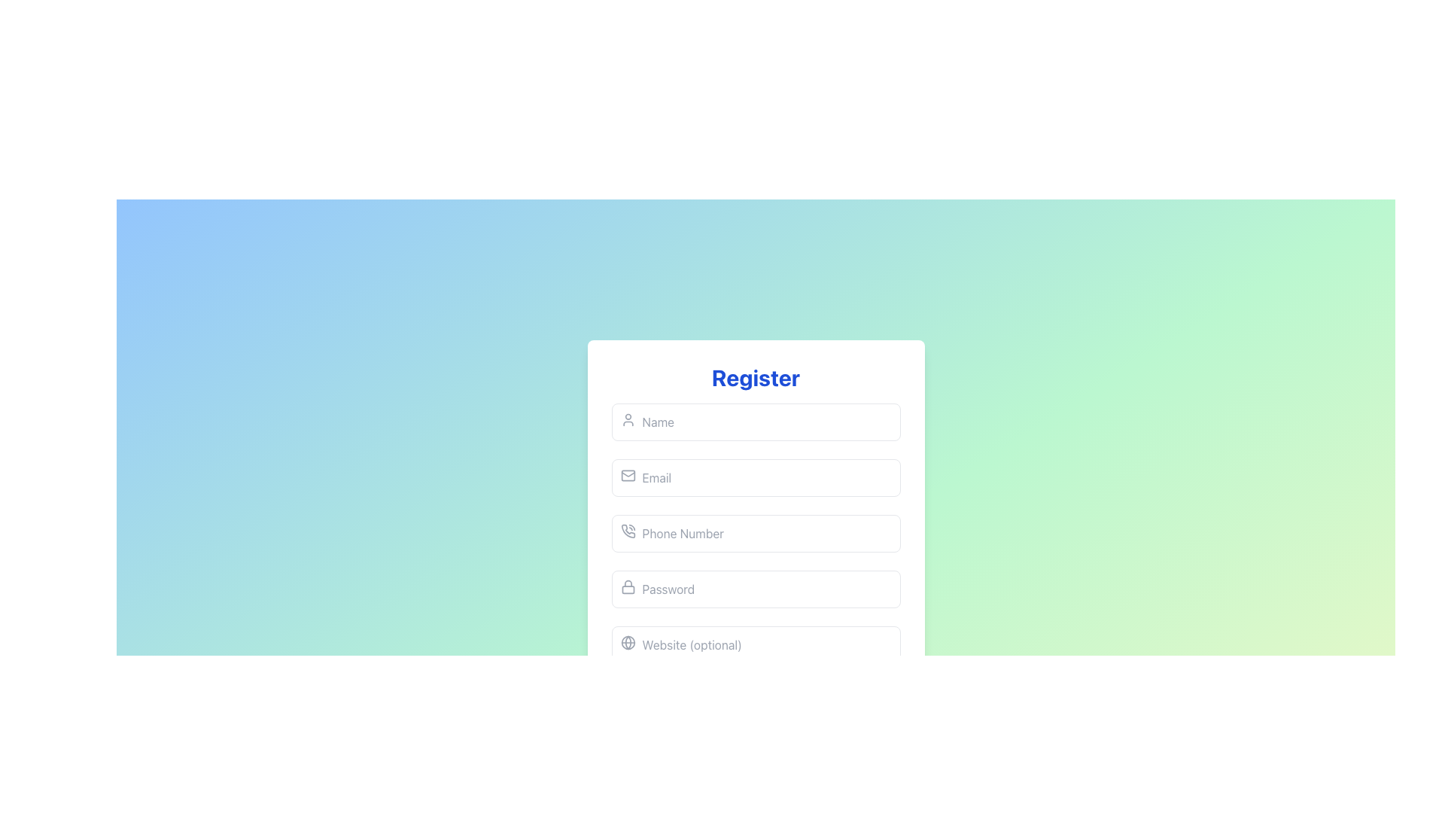  Describe the element at coordinates (628, 530) in the screenshot. I see `the phone number input field icon, which is located to the left of the input field labeled 'Phone Number' in the form` at that location.